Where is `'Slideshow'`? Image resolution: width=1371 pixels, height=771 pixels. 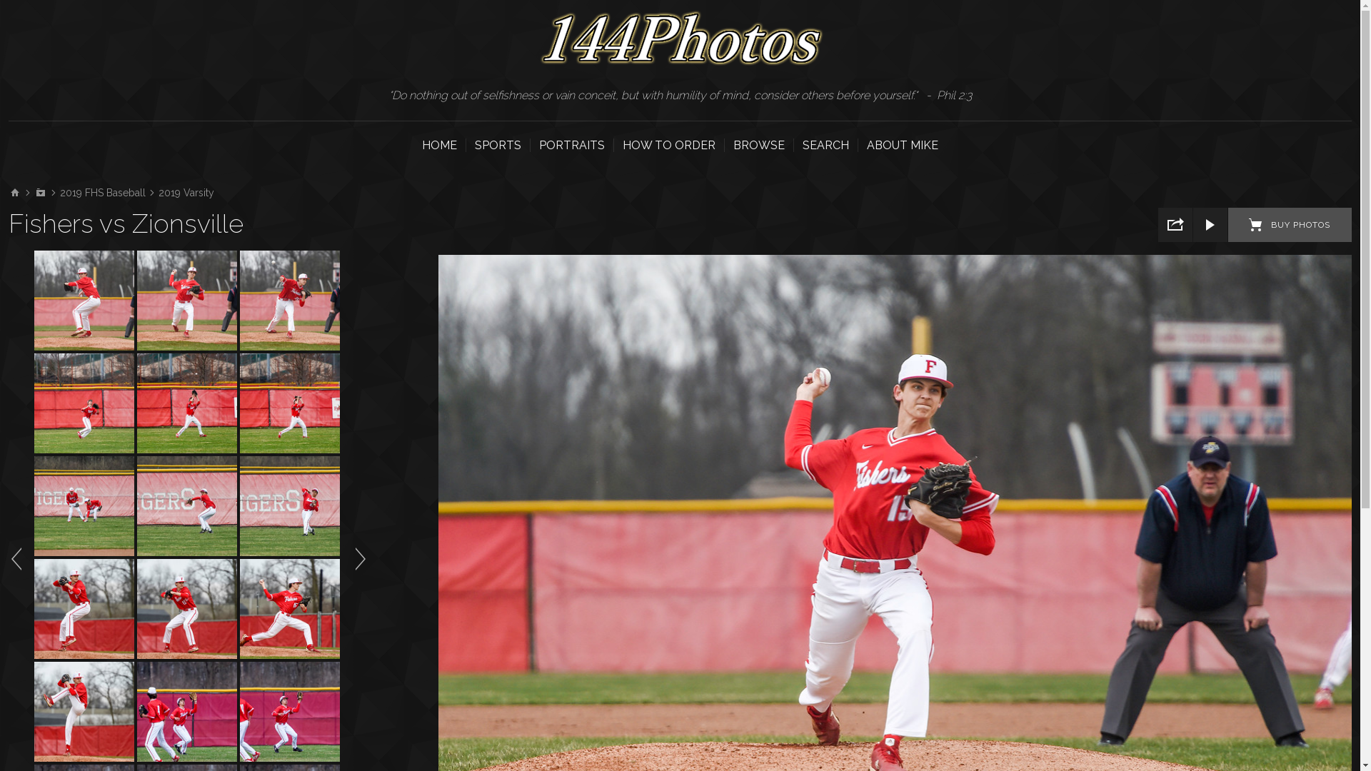 'Slideshow' is located at coordinates (1209, 225).